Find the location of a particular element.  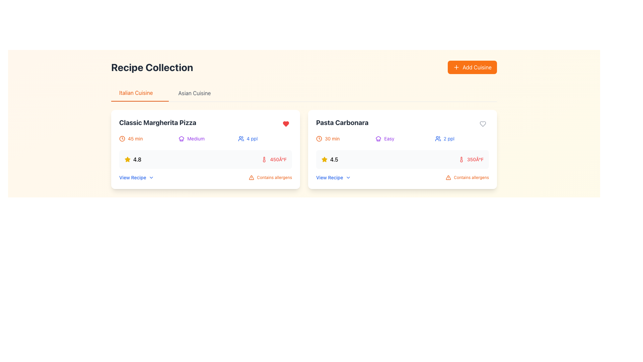

the static label with an orange warning triangle icon and the text 'Contains allergens' located in the bottom-right of the recipe details box for 'Pasta Carbonara' is located at coordinates (270, 177).